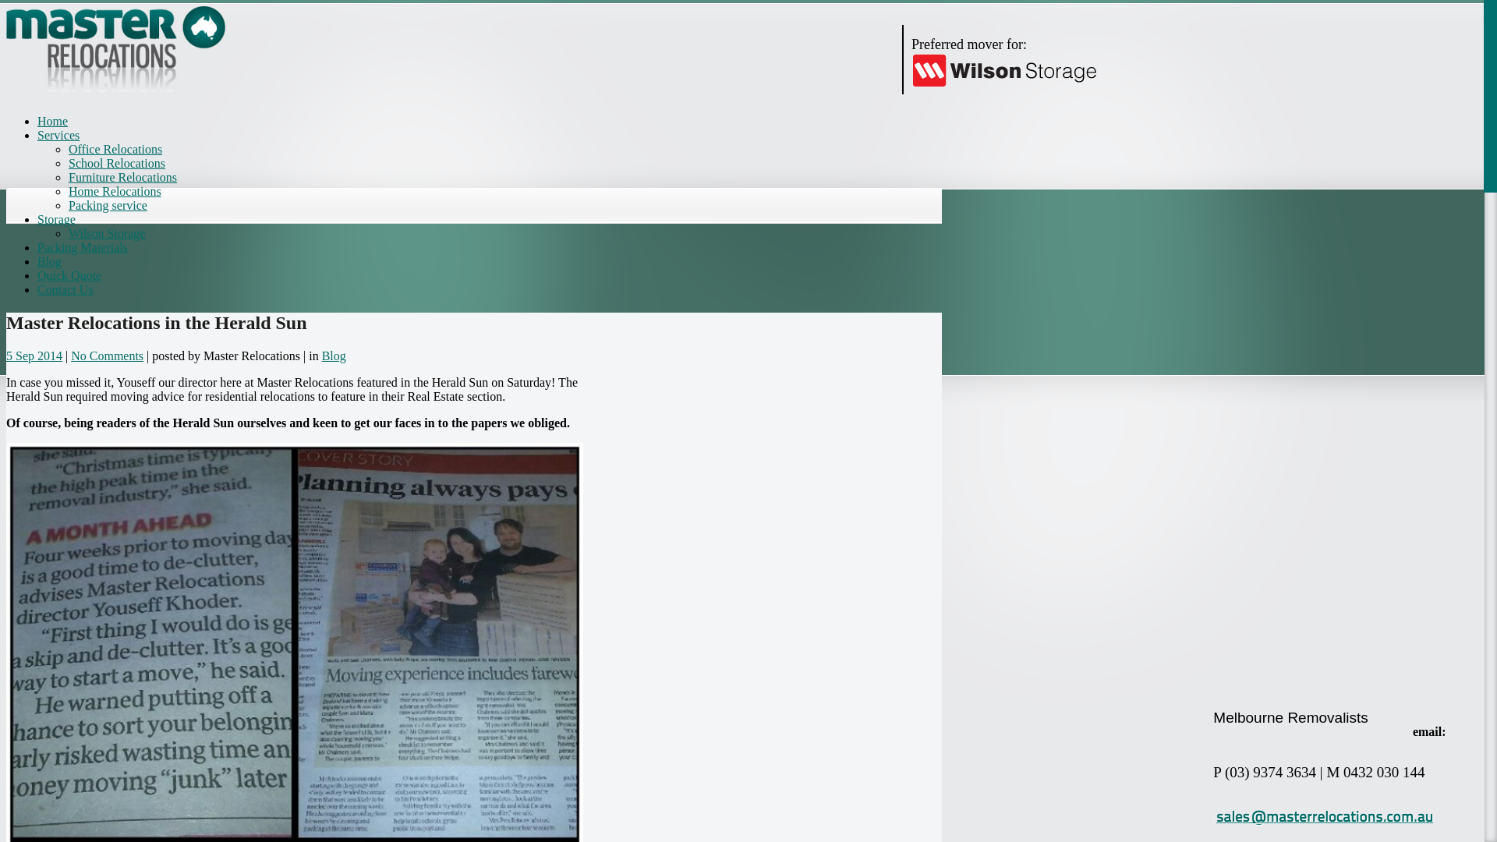  Describe the element at coordinates (58, 134) in the screenshot. I see `'Services'` at that location.